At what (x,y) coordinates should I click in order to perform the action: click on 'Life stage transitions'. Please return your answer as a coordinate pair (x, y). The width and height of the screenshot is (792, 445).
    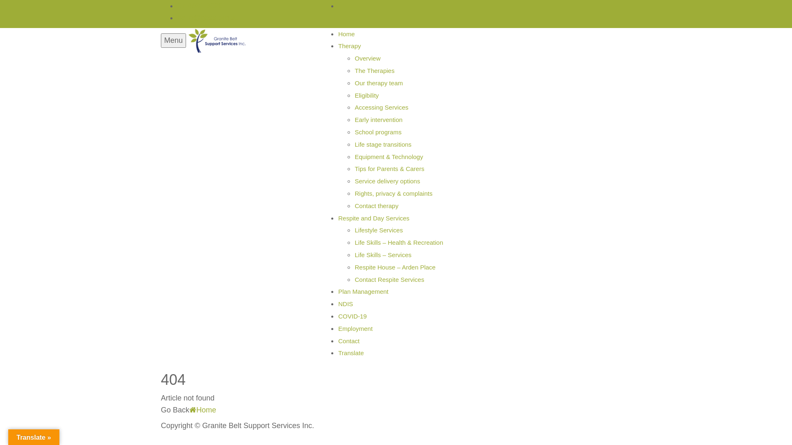
    Looking at the image, I should click on (383, 144).